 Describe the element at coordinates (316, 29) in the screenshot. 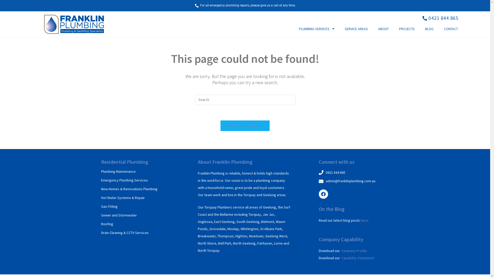

I see `'PLUMBING SERVICES'` at that location.